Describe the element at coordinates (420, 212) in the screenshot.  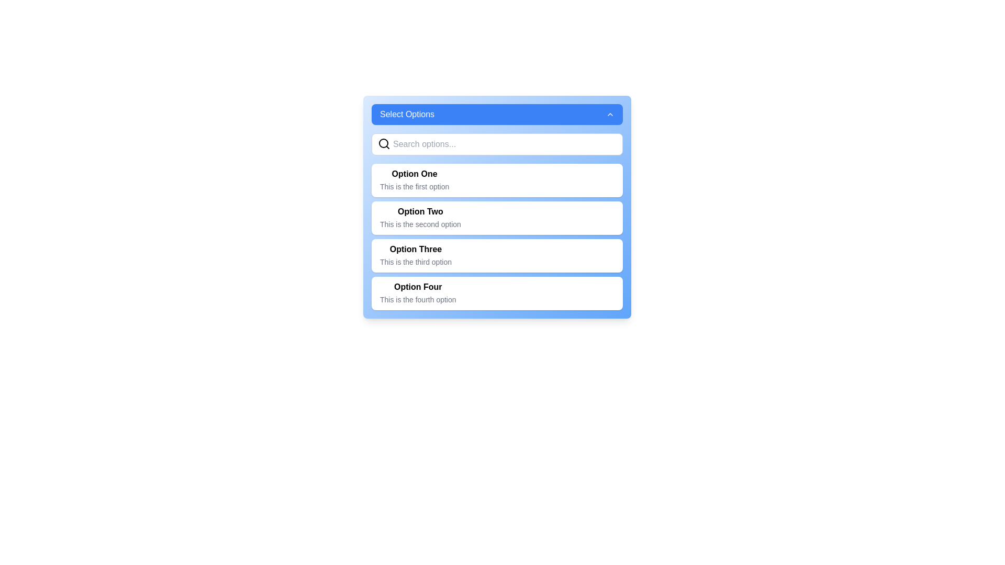
I see `the text label 'Option Two' which is styled in bold and includes the description 'This is the second option', located in a selection list interface` at that location.